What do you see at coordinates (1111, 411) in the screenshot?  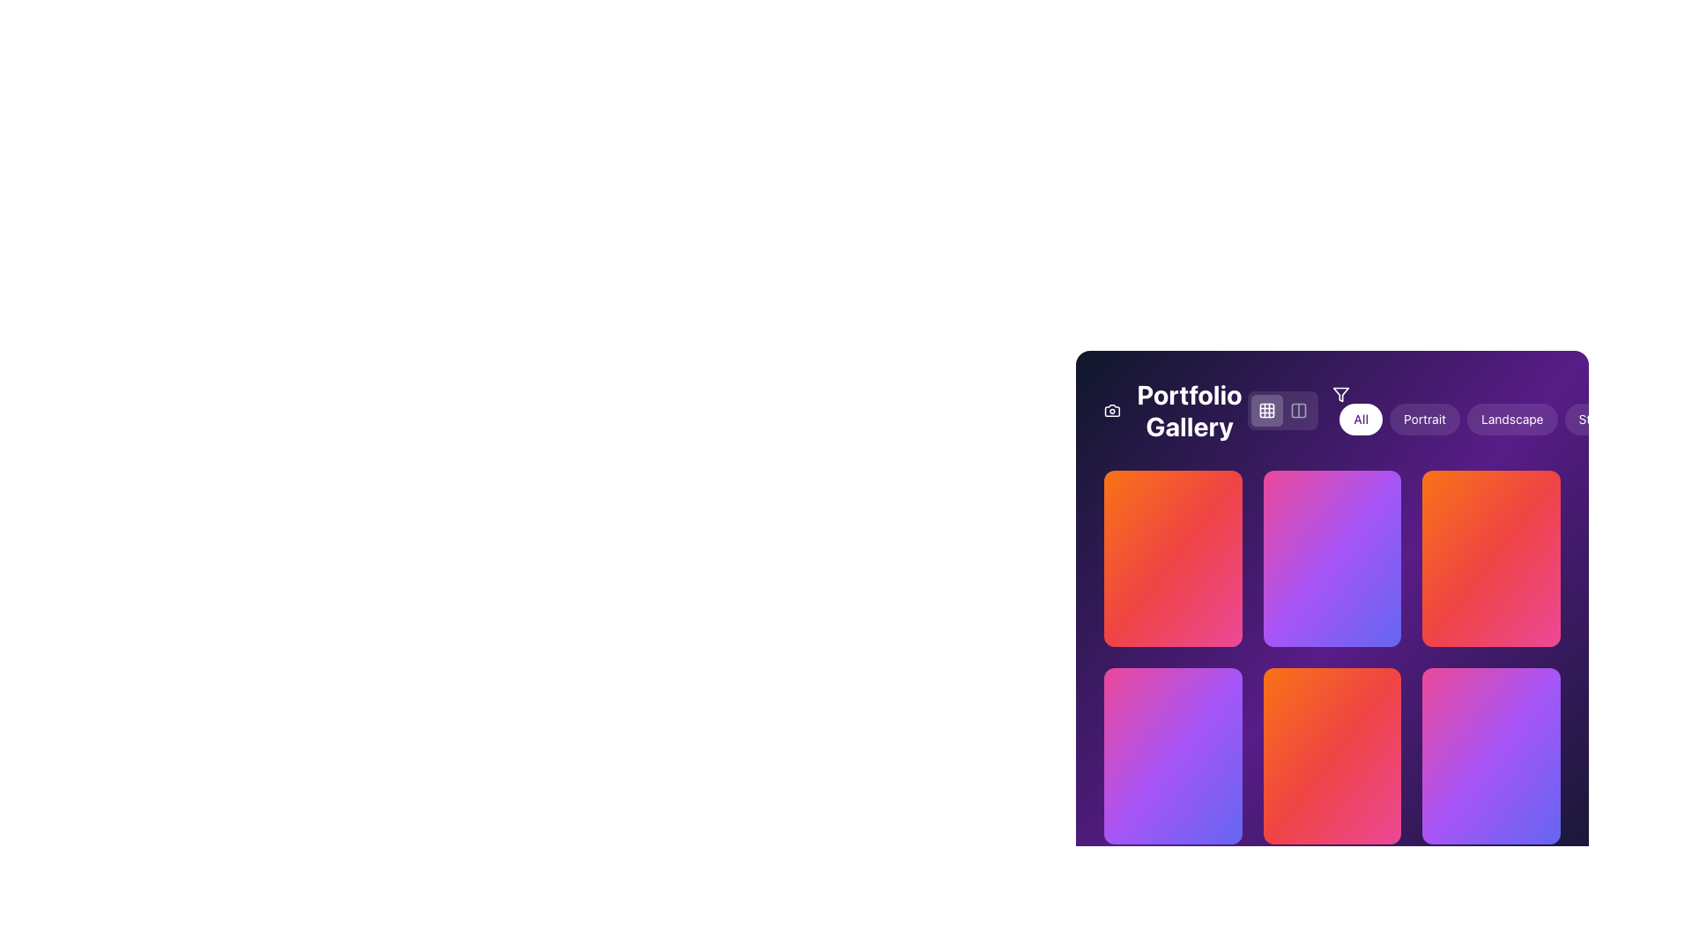 I see `the camera icon located to the left of the 'Portfolio Gallery' text in the header section of the interface` at bounding box center [1111, 411].